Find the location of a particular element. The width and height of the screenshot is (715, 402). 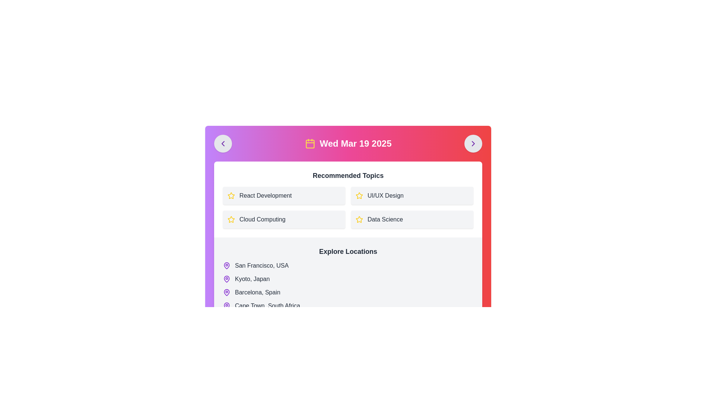

the purple map pin icon located next to 'Kyoto, Japan' in the 'Explore Locations' list is located at coordinates (226, 278).